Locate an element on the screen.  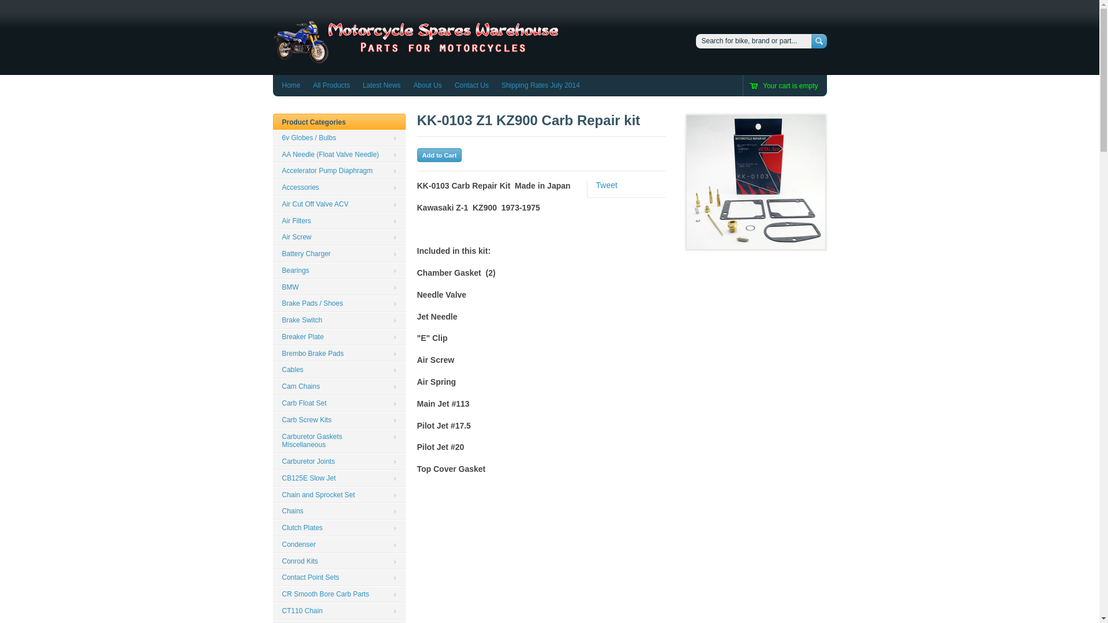
'Brake Switch' is located at coordinates (338, 320).